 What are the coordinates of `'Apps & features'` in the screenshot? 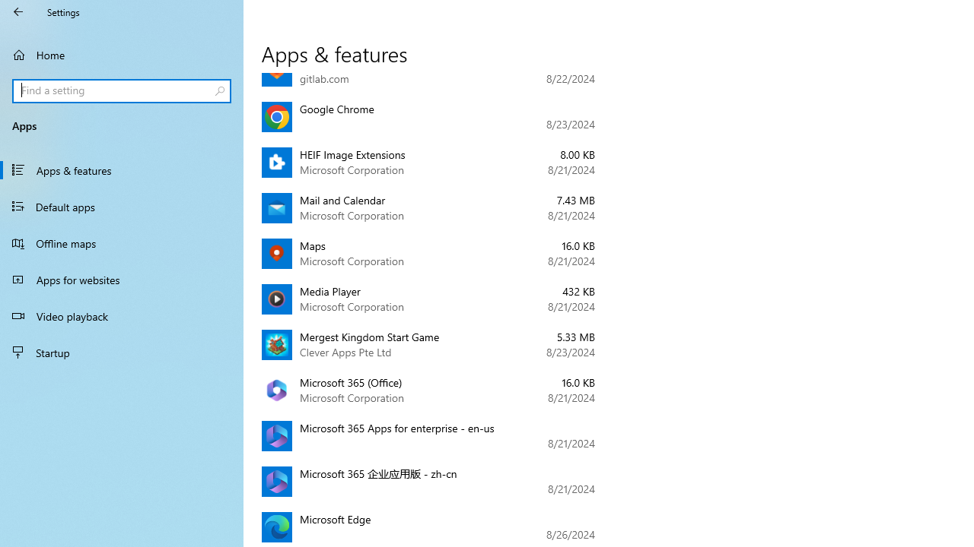 It's located at (122, 169).